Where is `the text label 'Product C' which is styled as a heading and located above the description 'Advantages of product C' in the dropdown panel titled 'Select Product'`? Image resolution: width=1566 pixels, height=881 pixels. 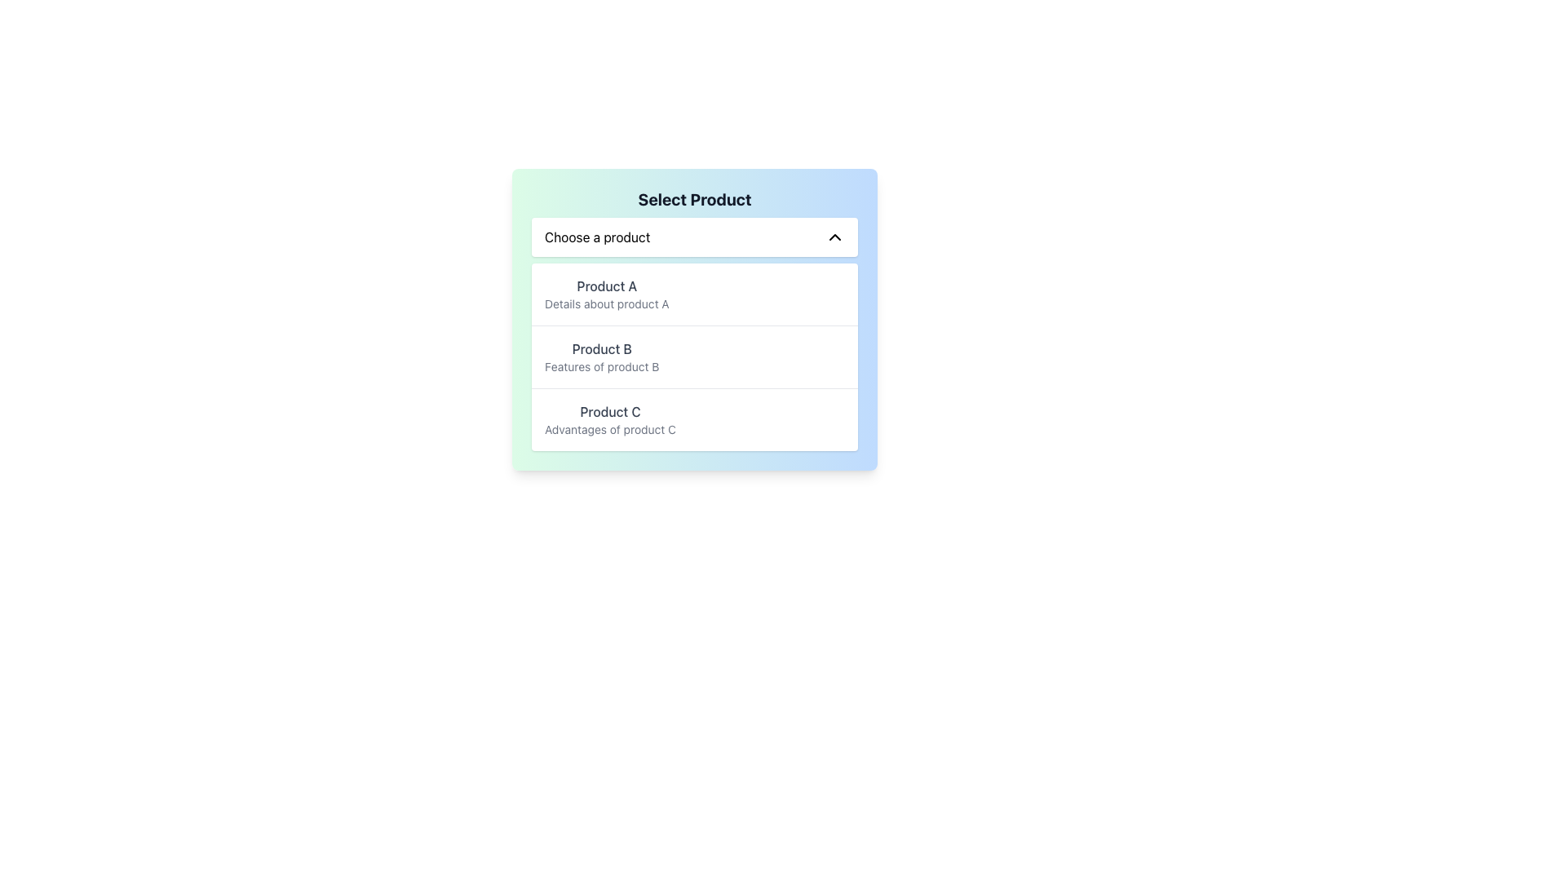
the text label 'Product C' which is styled as a heading and located above the description 'Advantages of product C' in the dropdown panel titled 'Select Product' is located at coordinates (609, 411).